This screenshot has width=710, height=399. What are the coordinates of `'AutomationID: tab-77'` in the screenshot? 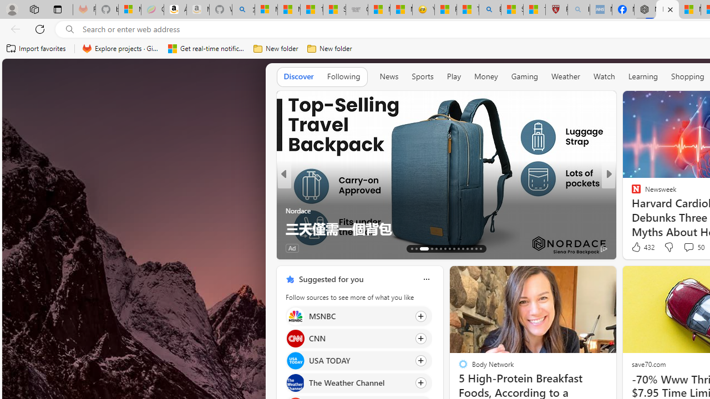 It's located at (467, 248).